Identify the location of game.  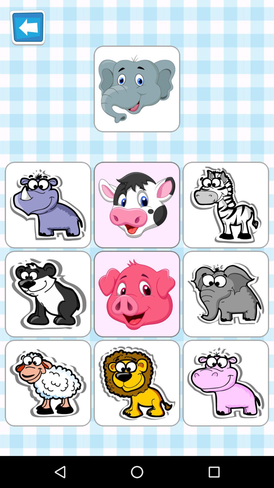
(136, 89).